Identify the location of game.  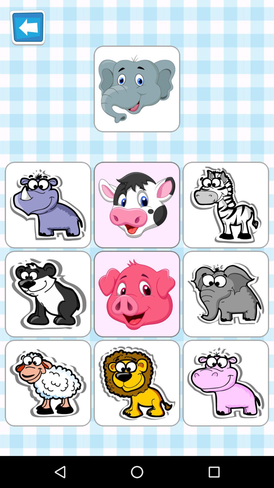
(136, 89).